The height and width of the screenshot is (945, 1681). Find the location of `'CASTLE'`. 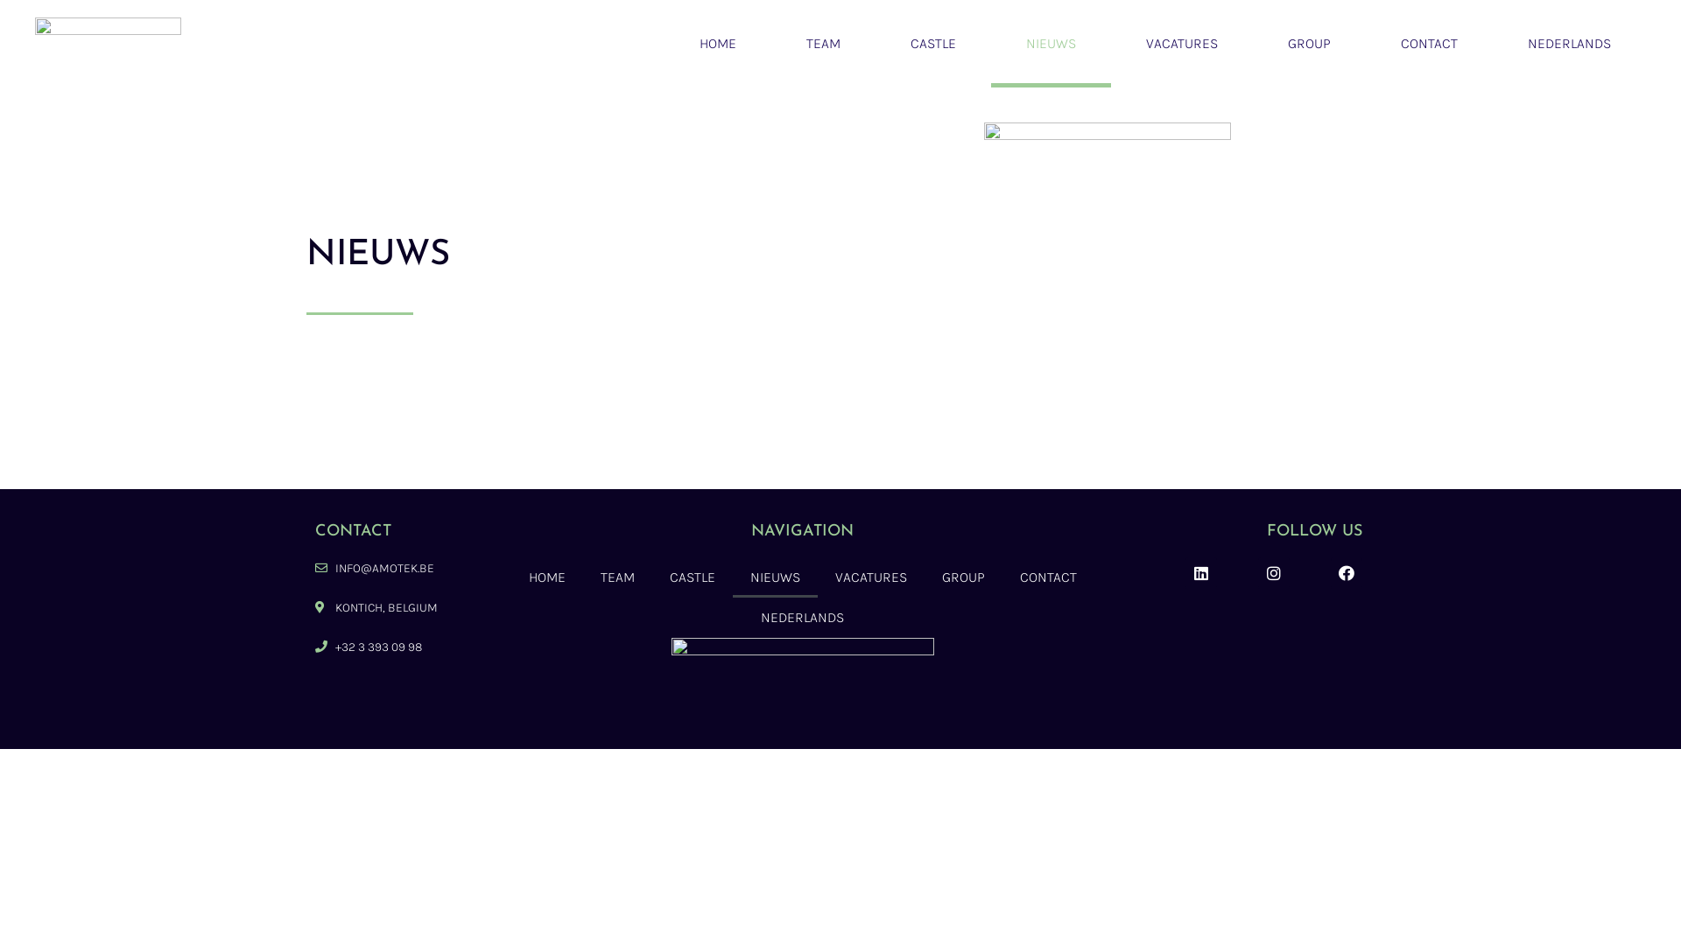

'CASTLE' is located at coordinates (692, 577).